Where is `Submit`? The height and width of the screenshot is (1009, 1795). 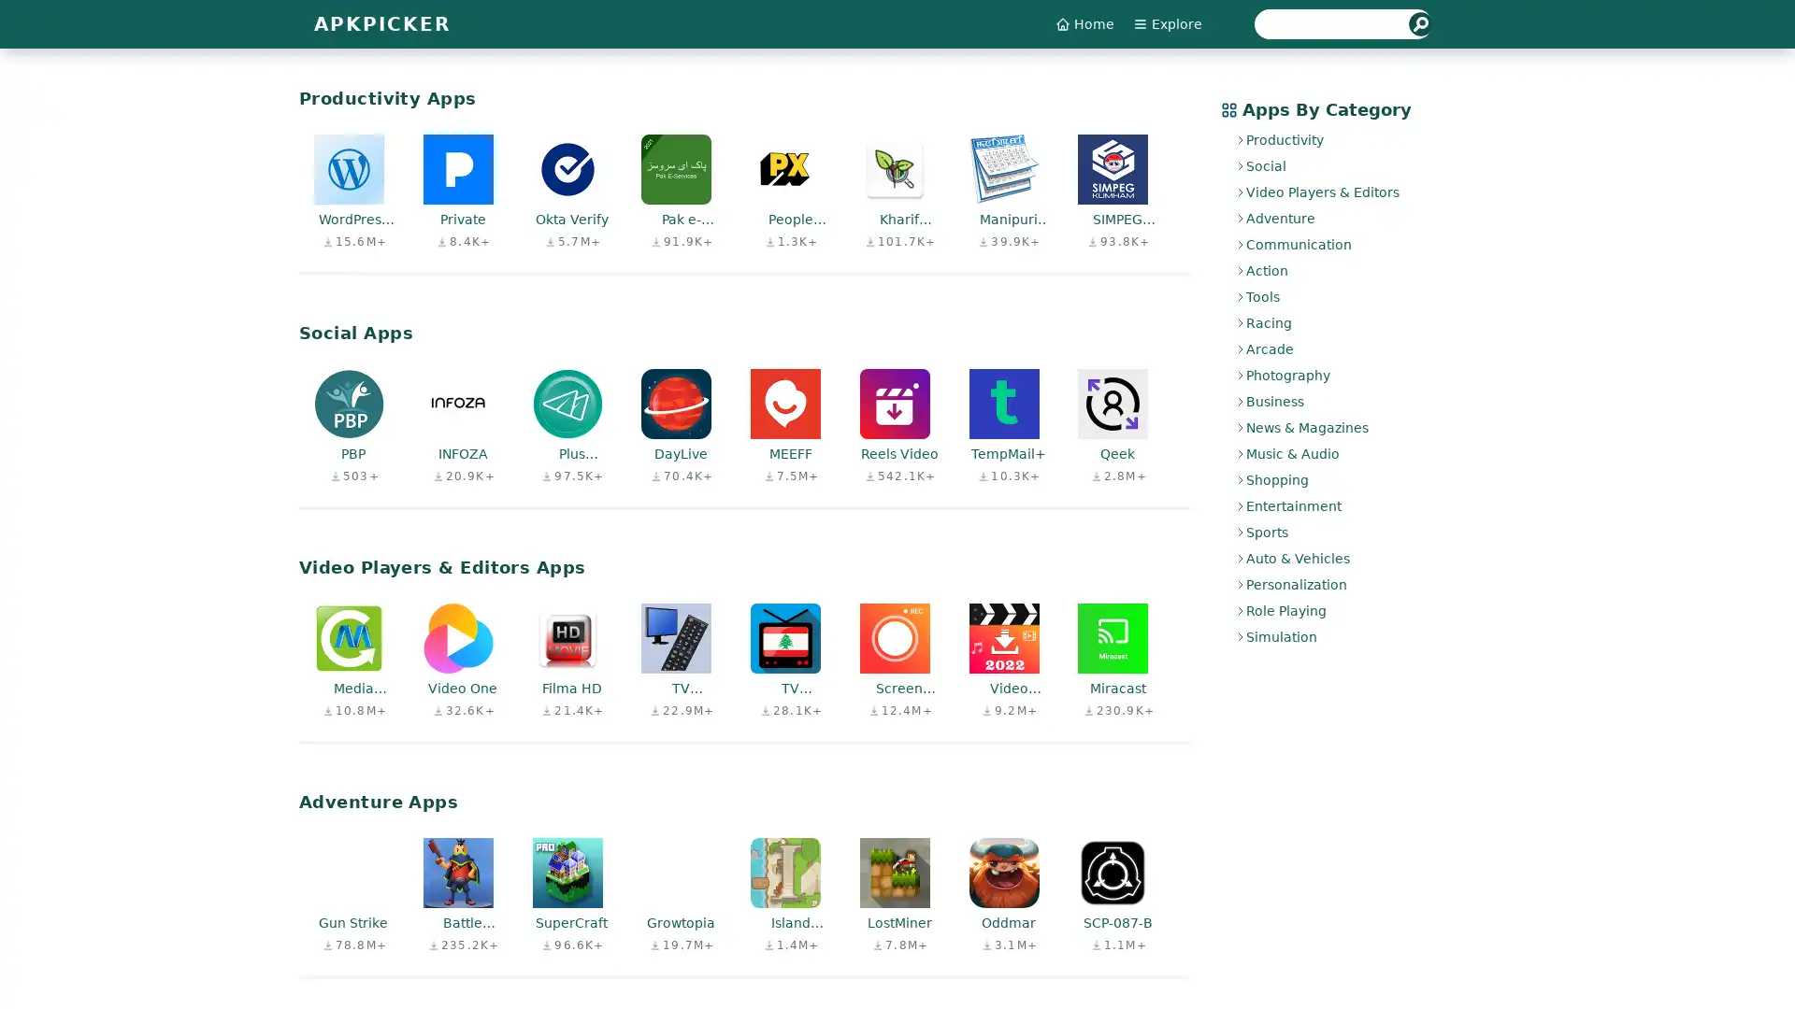 Submit is located at coordinates (1414, 24).